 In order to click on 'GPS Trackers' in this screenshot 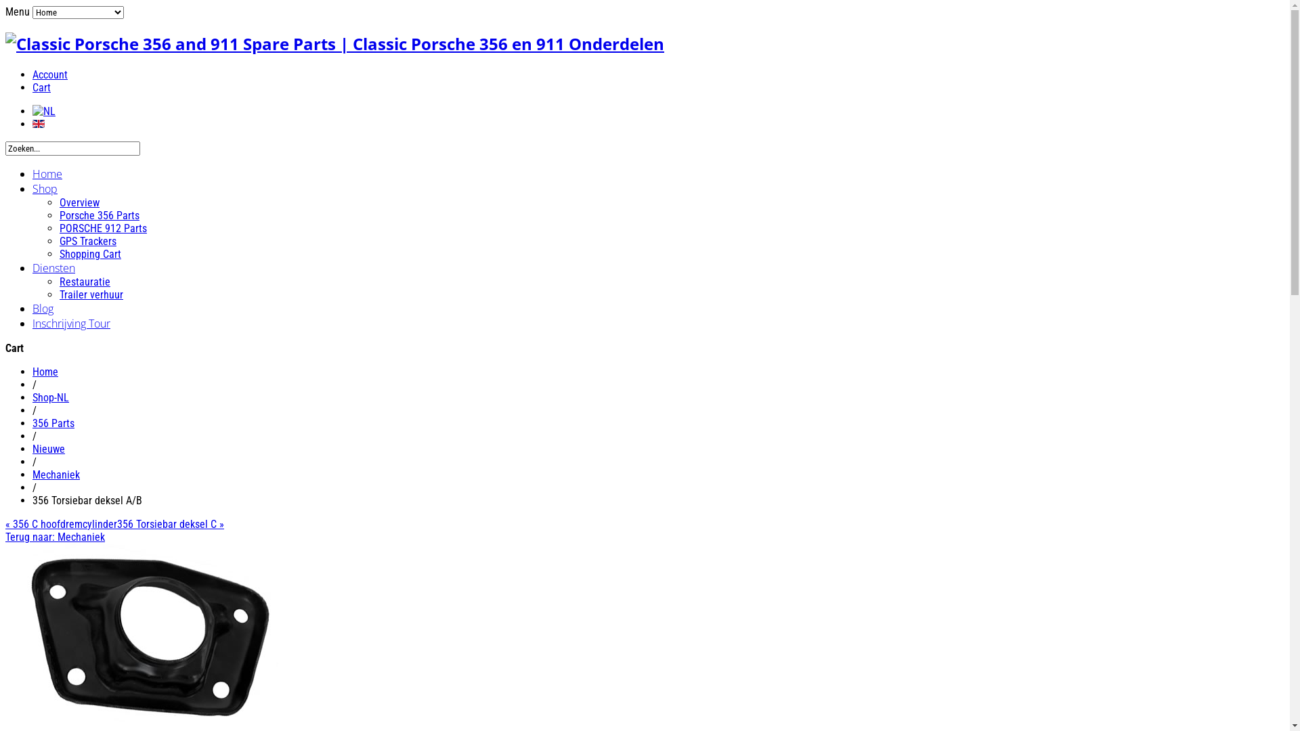, I will do `click(87, 240)`.